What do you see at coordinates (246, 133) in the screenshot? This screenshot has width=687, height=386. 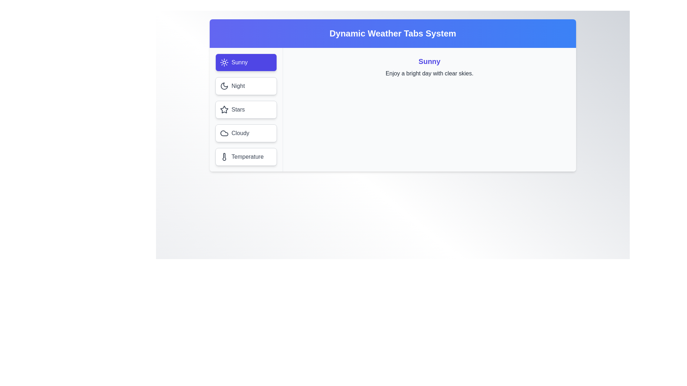 I see `the Cloudy tab` at bounding box center [246, 133].